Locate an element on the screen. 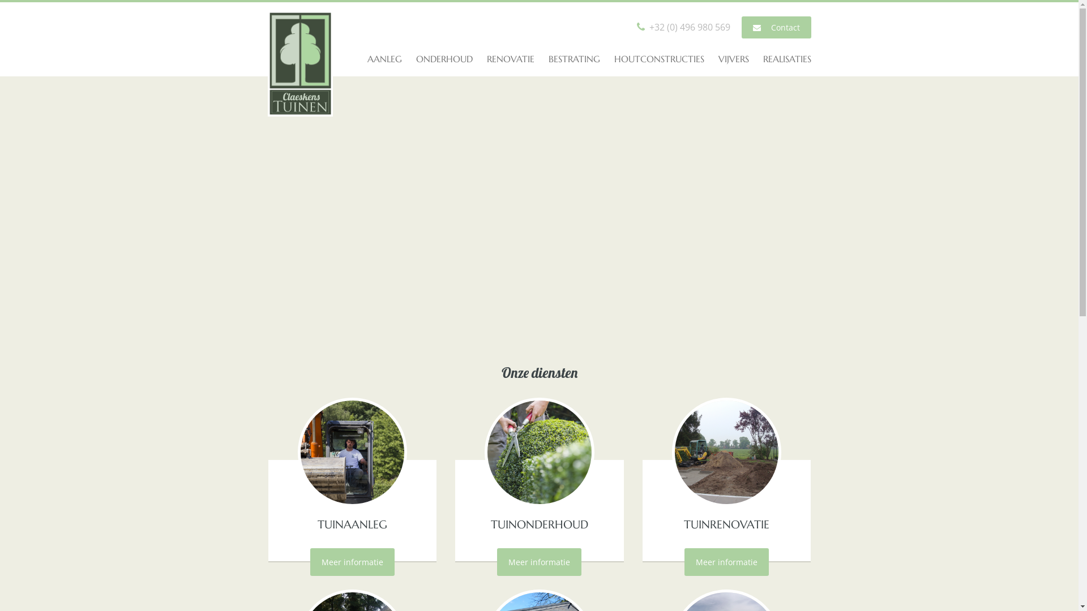  'BESTRATING' is located at coordinates (574, 59).